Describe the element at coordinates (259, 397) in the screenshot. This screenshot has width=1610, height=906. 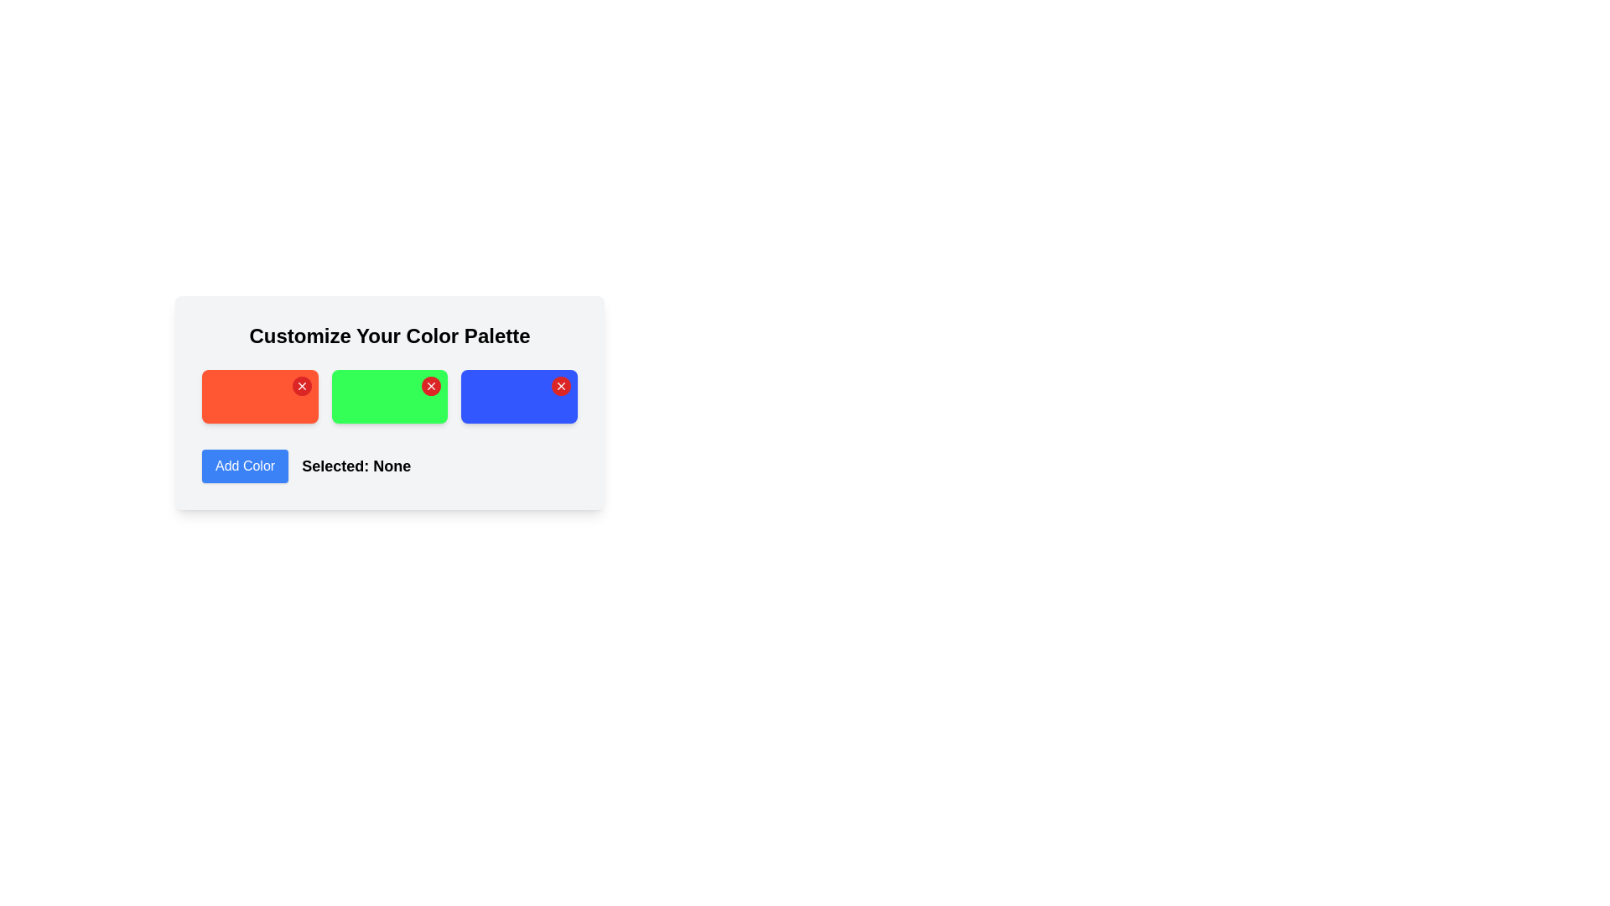
I see `the leftmost button for color selection, associated with the red color option` at that location.